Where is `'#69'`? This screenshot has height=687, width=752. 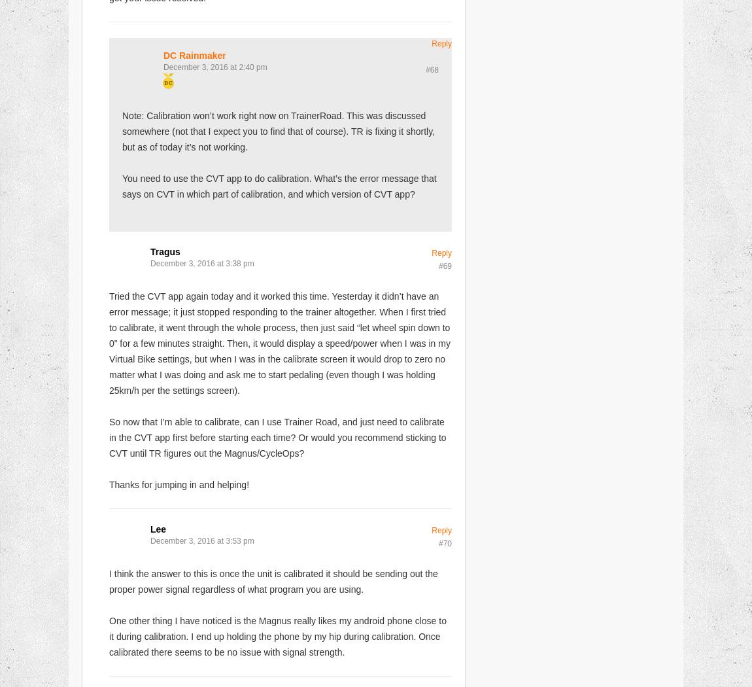
'#69' is located at coordinates (444, 266).